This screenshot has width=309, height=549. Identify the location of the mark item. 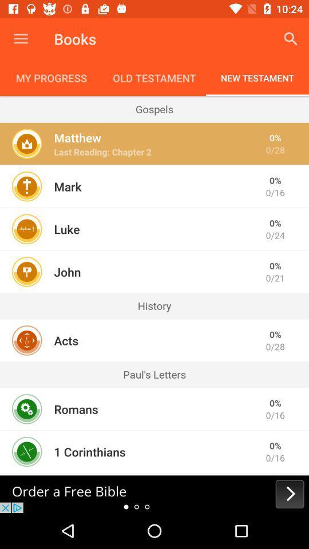
(68, 186).